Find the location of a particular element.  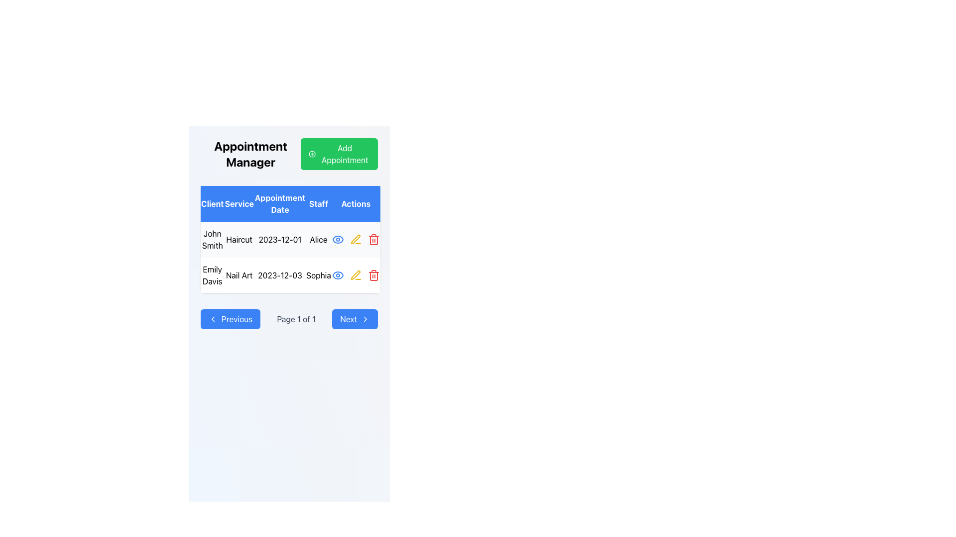

the yellow pencil icon edit button in the Actions column of the second row, which is located between the blue eye icon and the red trash can icon is located at coordinates (356, 275).